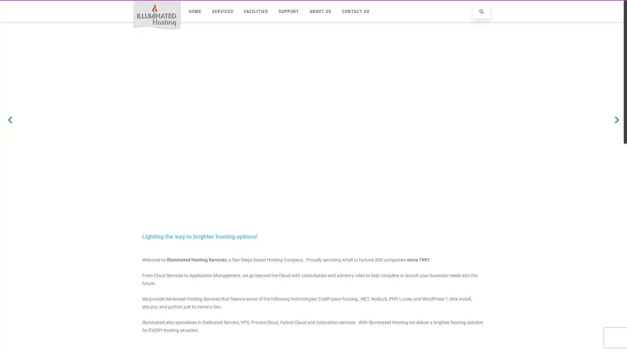 The height and width of the screenshot is (352, 627). I want to click on slider2, so click(316, 210).